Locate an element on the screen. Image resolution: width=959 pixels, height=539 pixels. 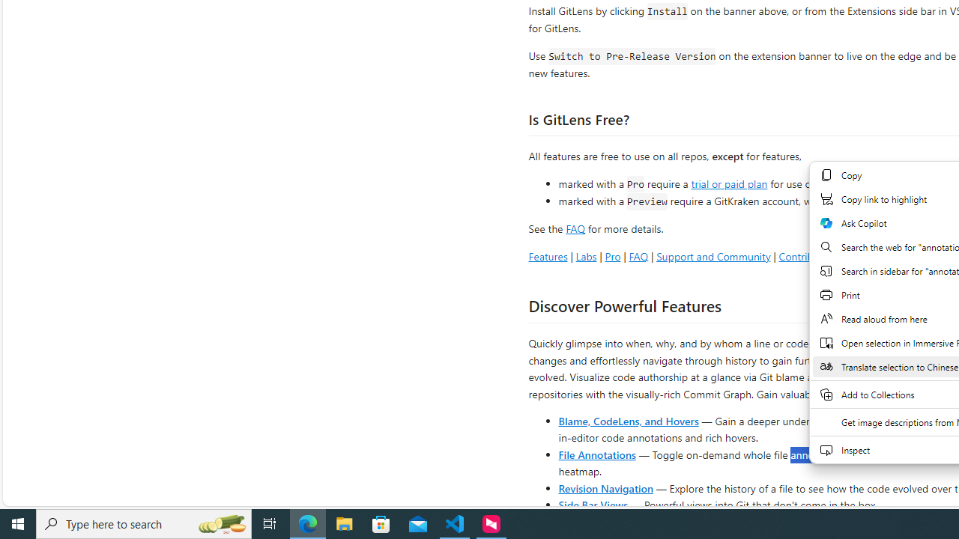
'Labs' is located at coordinates (585, 255).